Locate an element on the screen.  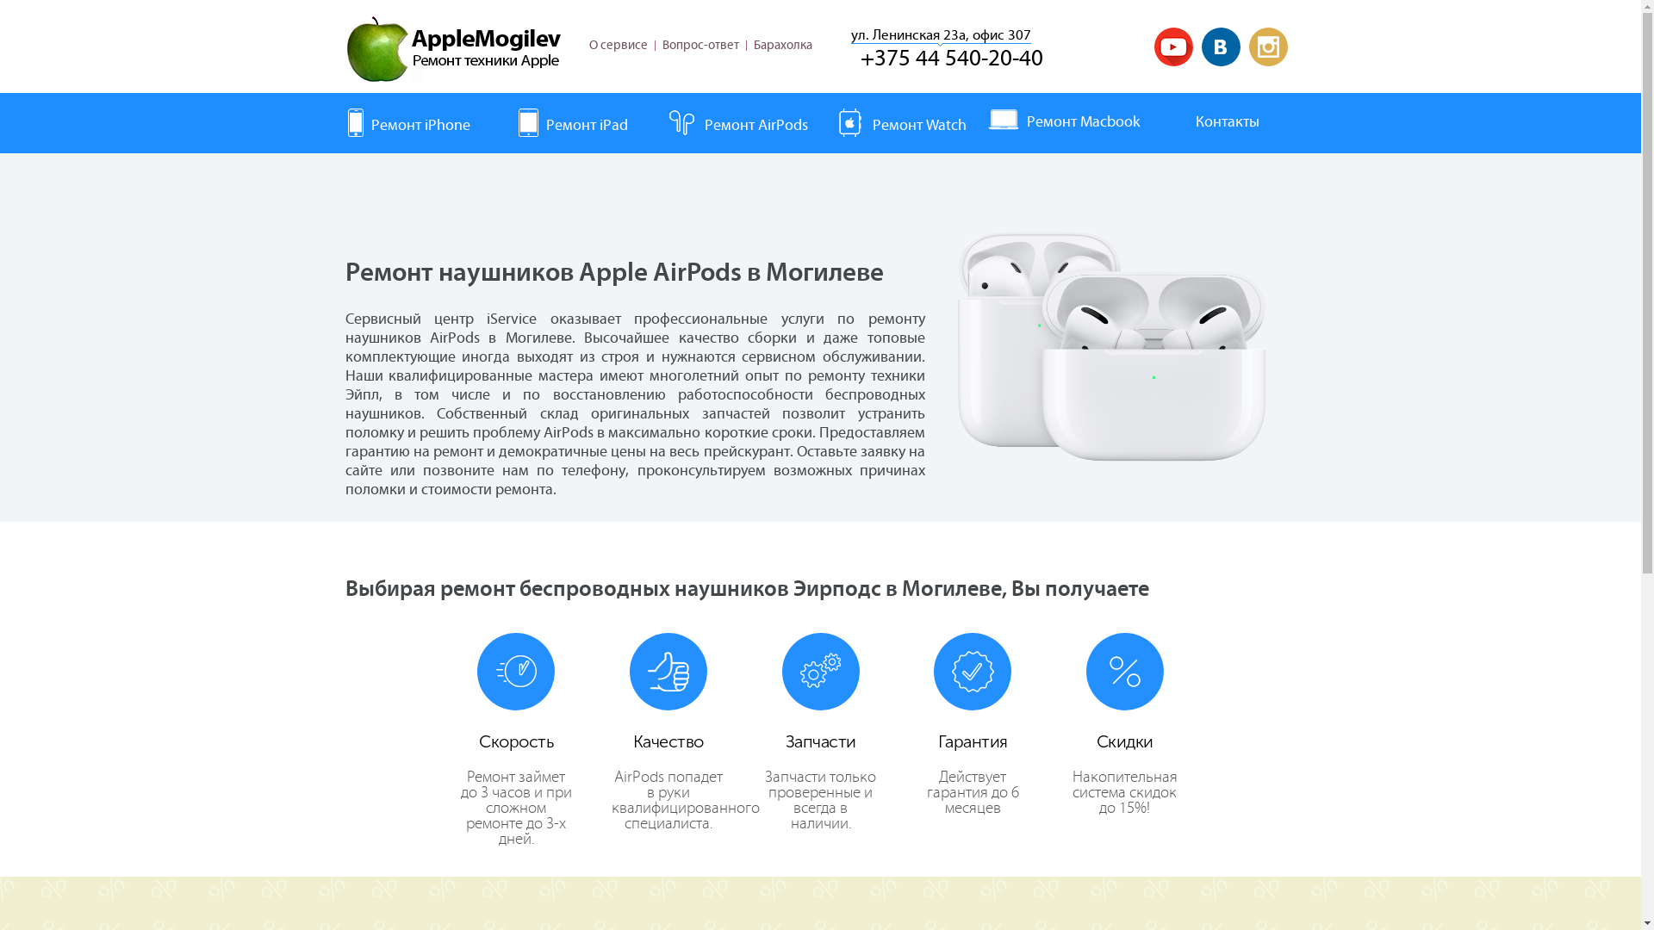
'+375 44 540-20-40' is located at coordinates (950, 58).